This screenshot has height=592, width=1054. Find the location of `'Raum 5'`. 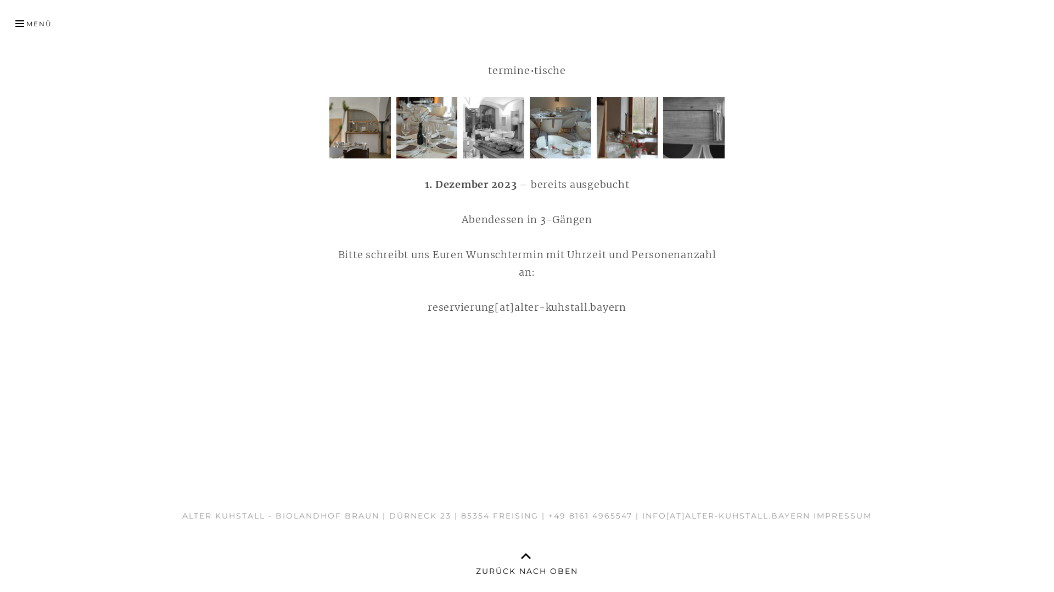

'Raum 5' is located at coordinates (627, 127).